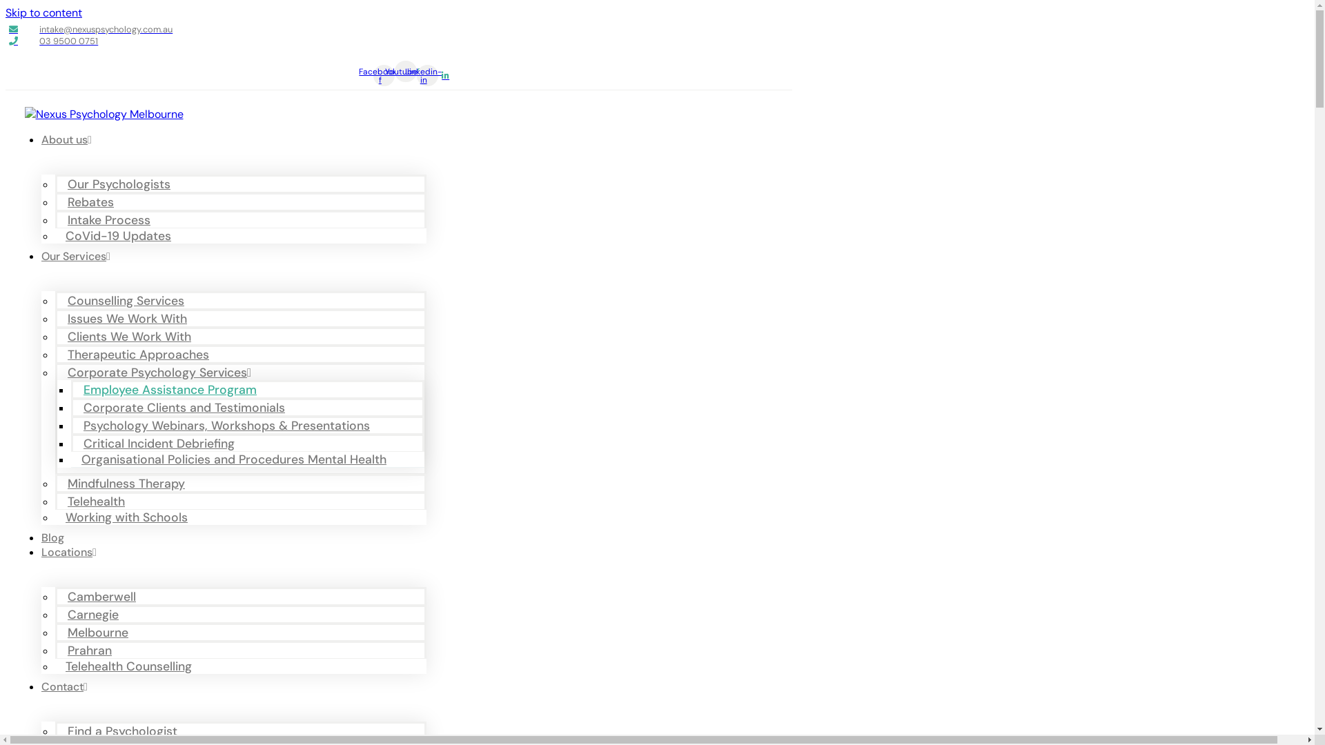  What do you see at coordinates (56, 614) in the screenshot?
I see `'Carnegie'` at bounding box center [56, 614].